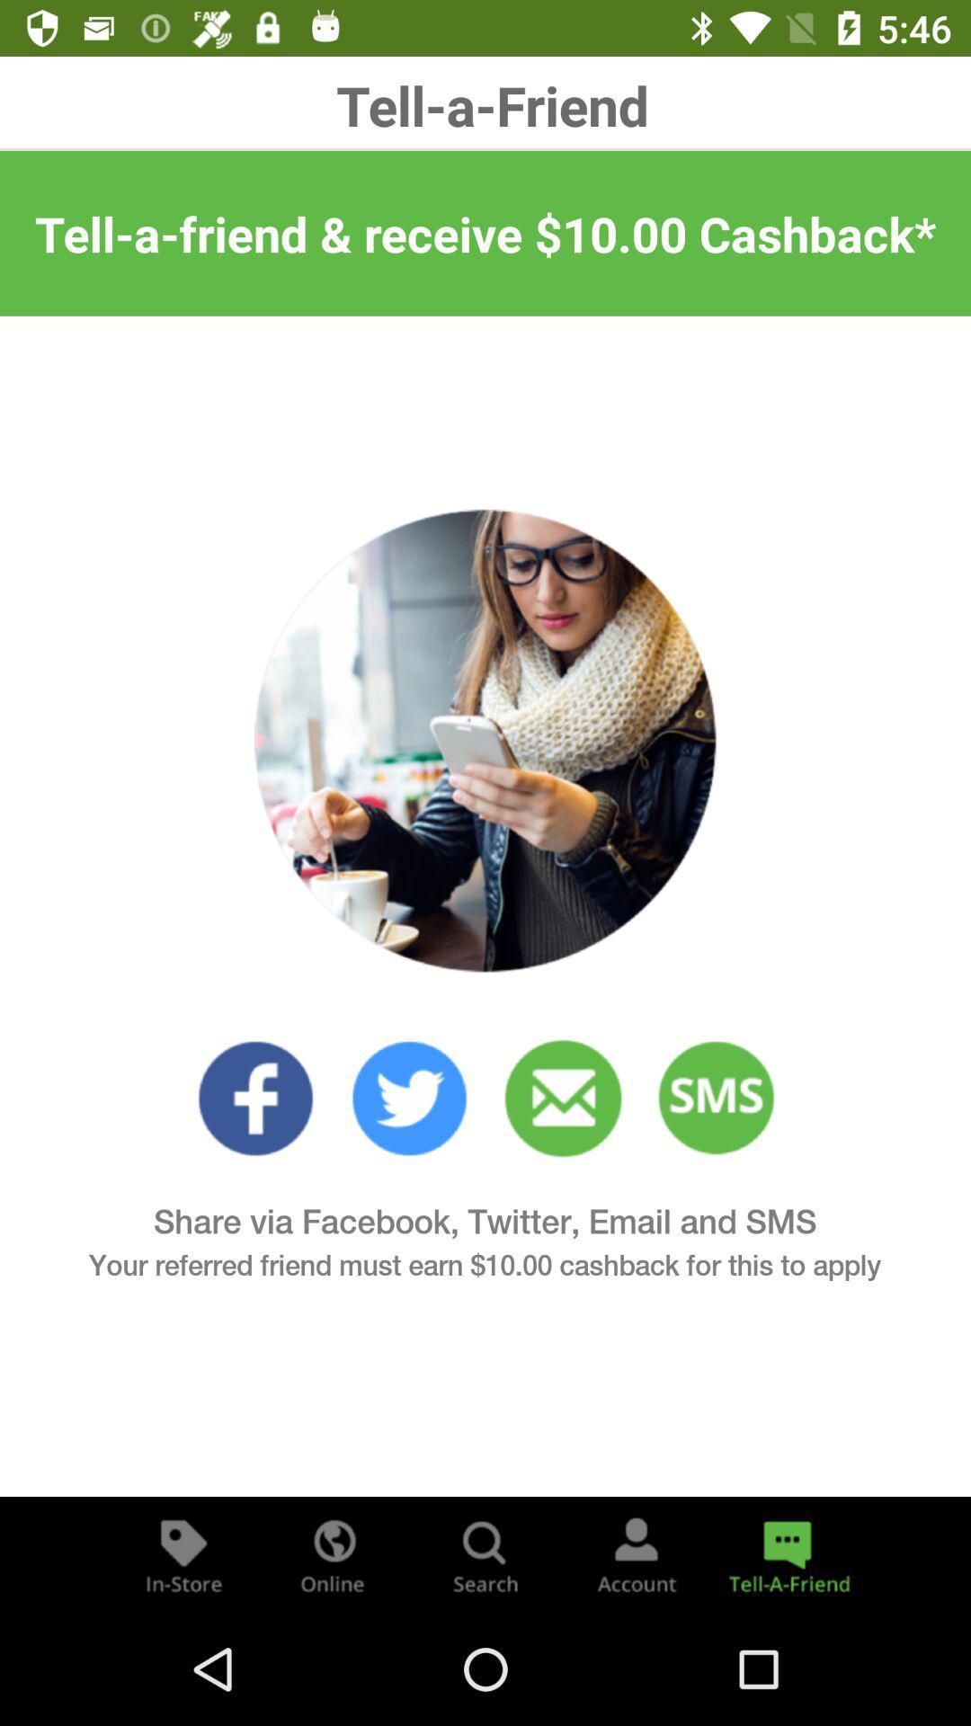 The height and width of the screenshot is (1726, 971). What do you see at coordinates (786, 1553) in the screenshot?
I see `share the page` at bounding box center [786, 1553].